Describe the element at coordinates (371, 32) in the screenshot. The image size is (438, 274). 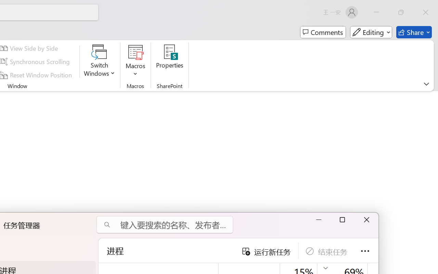
I see `'Mode'` at that location.